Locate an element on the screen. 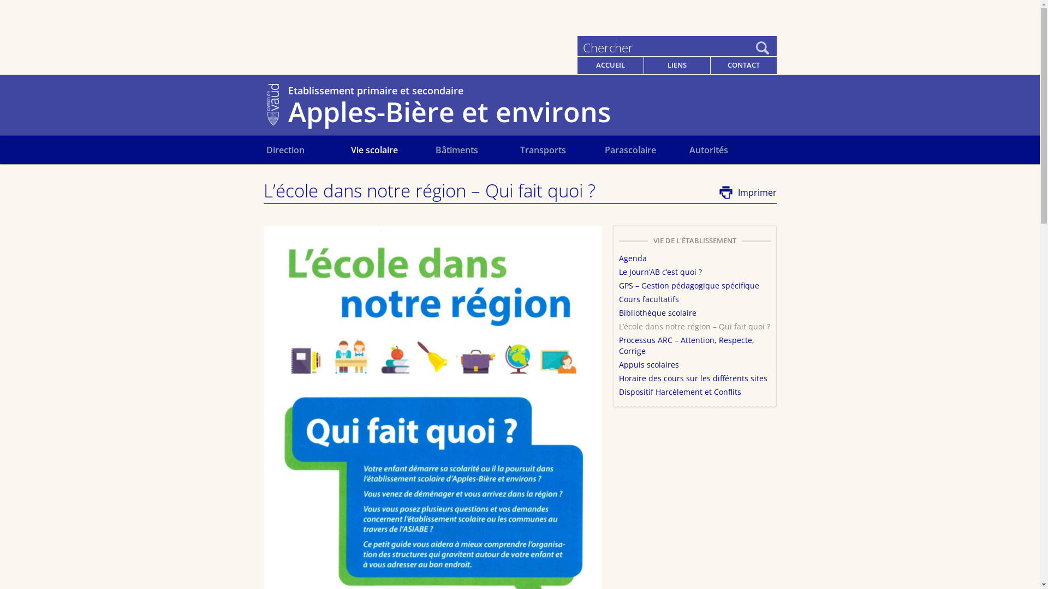  'Imprimer' is located at coordinates (747, 192).